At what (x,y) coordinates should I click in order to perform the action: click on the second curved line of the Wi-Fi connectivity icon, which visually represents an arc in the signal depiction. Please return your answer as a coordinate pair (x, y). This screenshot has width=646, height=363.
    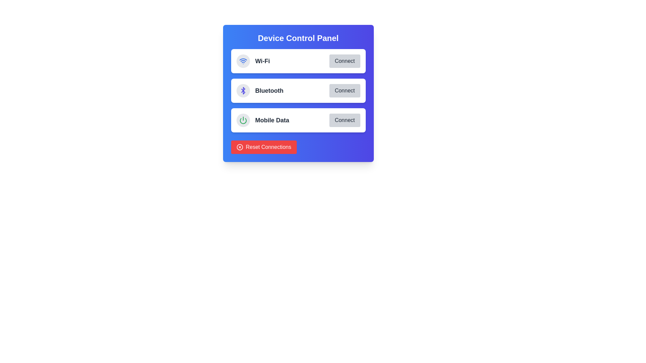
    Looking at the image, I should click on (243, 59).